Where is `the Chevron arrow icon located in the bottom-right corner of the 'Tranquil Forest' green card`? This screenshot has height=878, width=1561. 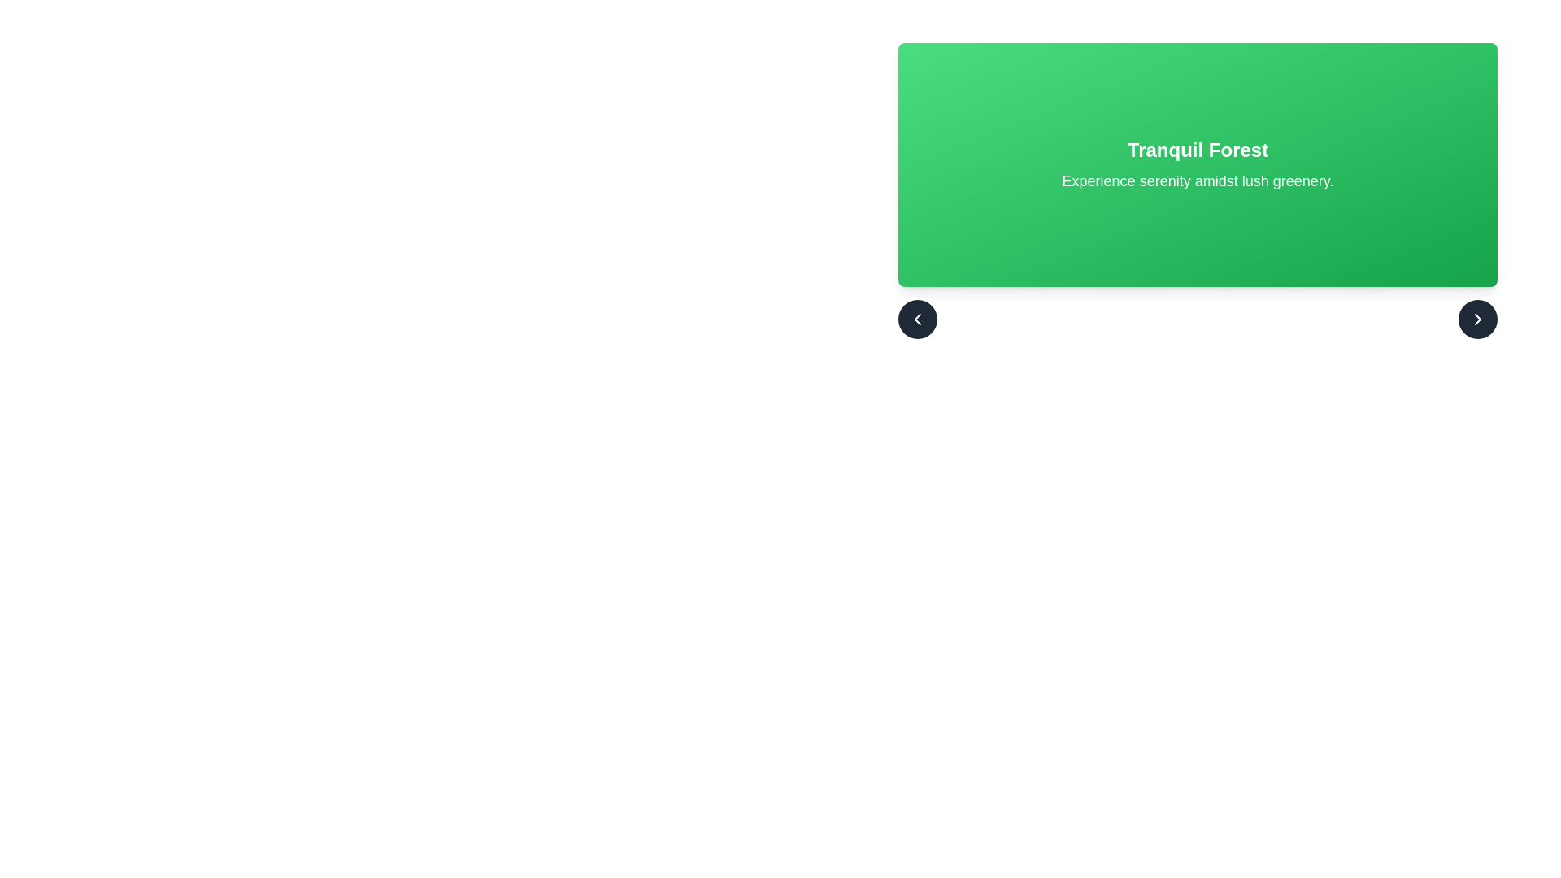 the Chevron arrow icon located in the bottom-right corner of the 'Tranquil Forest' green card is located at coordinates (1478, 319).